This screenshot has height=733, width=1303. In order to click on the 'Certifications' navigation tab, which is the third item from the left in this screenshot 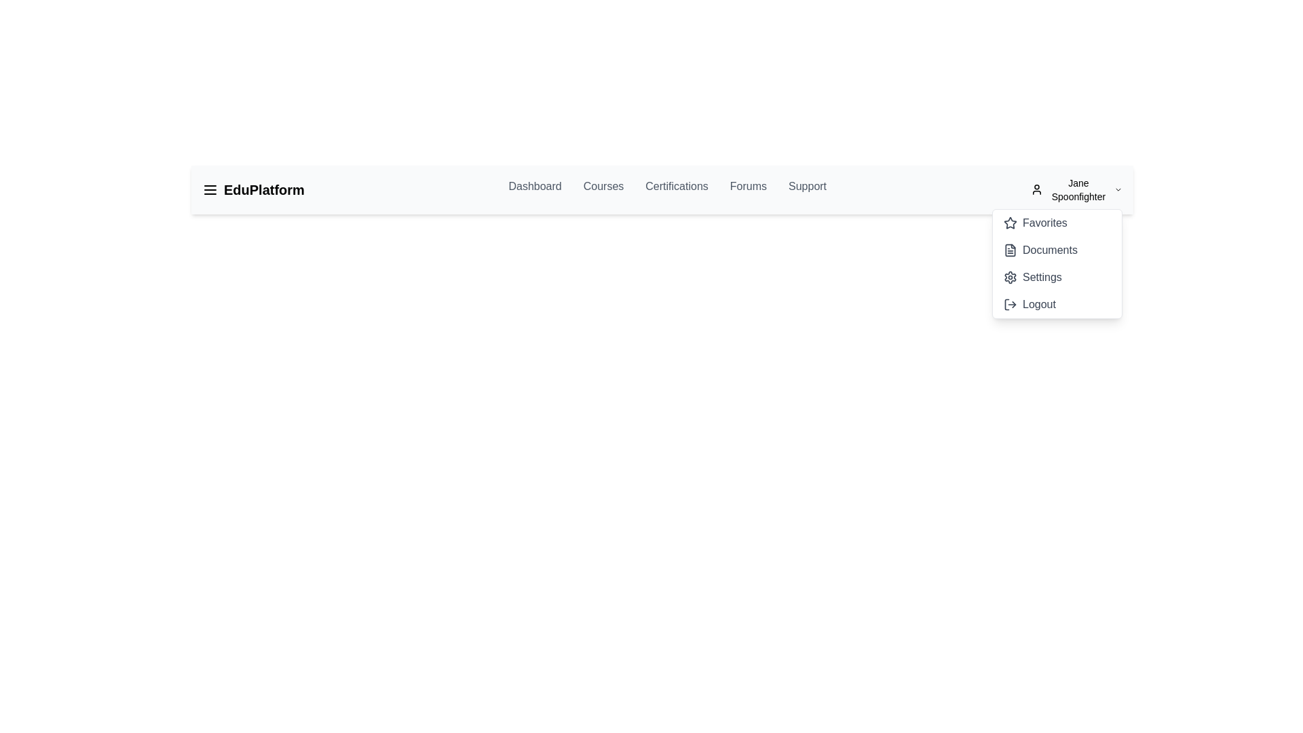, I will do `click(677, 190)`.